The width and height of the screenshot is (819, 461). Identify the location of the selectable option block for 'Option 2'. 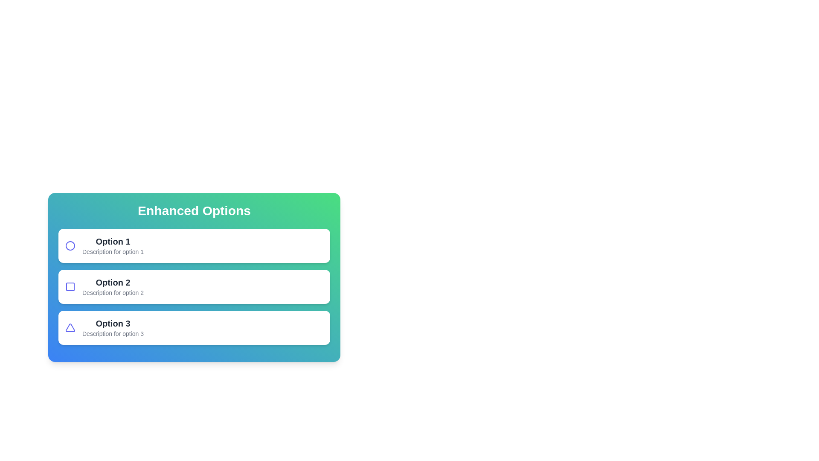
(194, 286).